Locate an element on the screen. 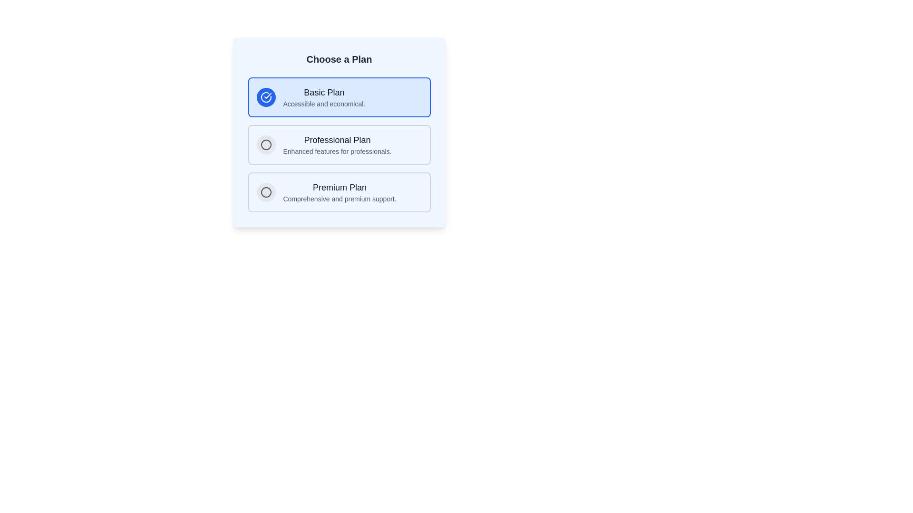  the first circular icon in the top-left corner of the 'Basic Plan' option on the 'Choose a Plan' page, which serves as a visual marker or status indicator for selection or activation of the 'Basic Plan' is located at coordinates (266, 192).